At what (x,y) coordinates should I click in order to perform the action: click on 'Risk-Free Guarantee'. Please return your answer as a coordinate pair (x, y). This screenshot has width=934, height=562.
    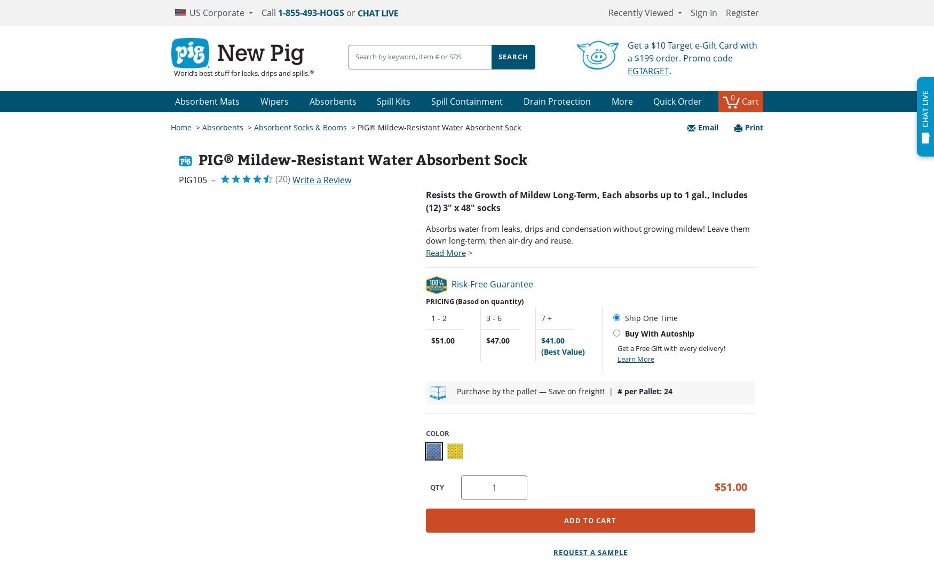
    Looking at the image, I should click on (451, 284).